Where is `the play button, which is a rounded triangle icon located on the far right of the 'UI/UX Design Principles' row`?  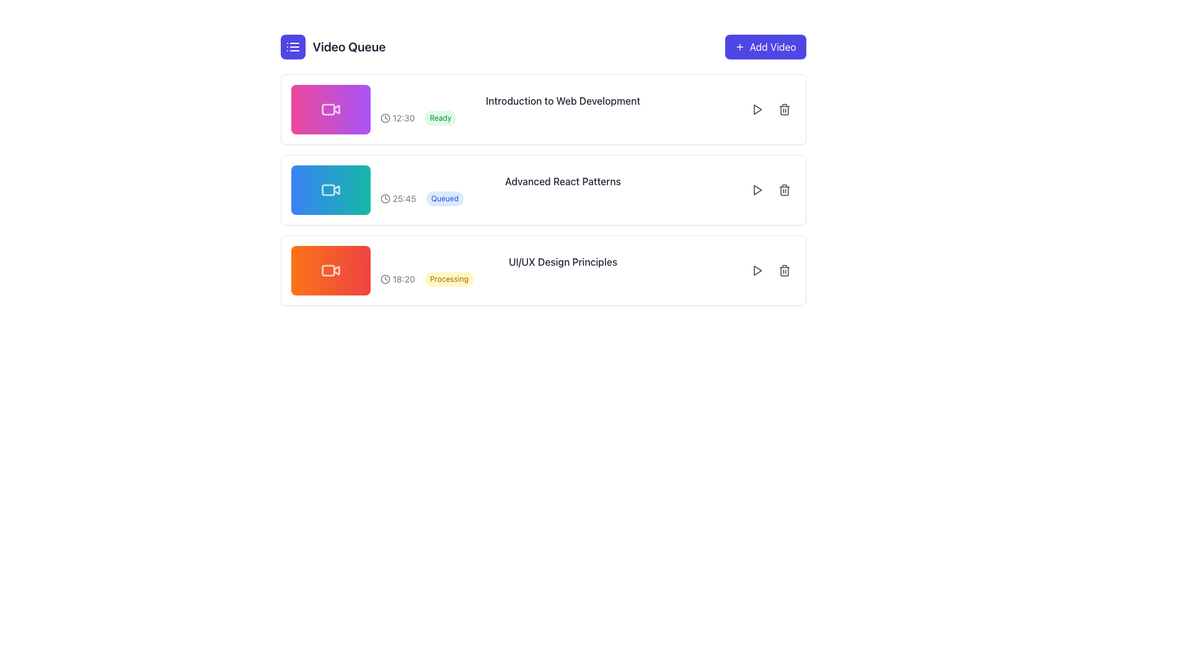 the play button, which is a rounded triangle icon located on the far right of the 'UI/UX Design Principles' row is located at coordinates (757, 269).